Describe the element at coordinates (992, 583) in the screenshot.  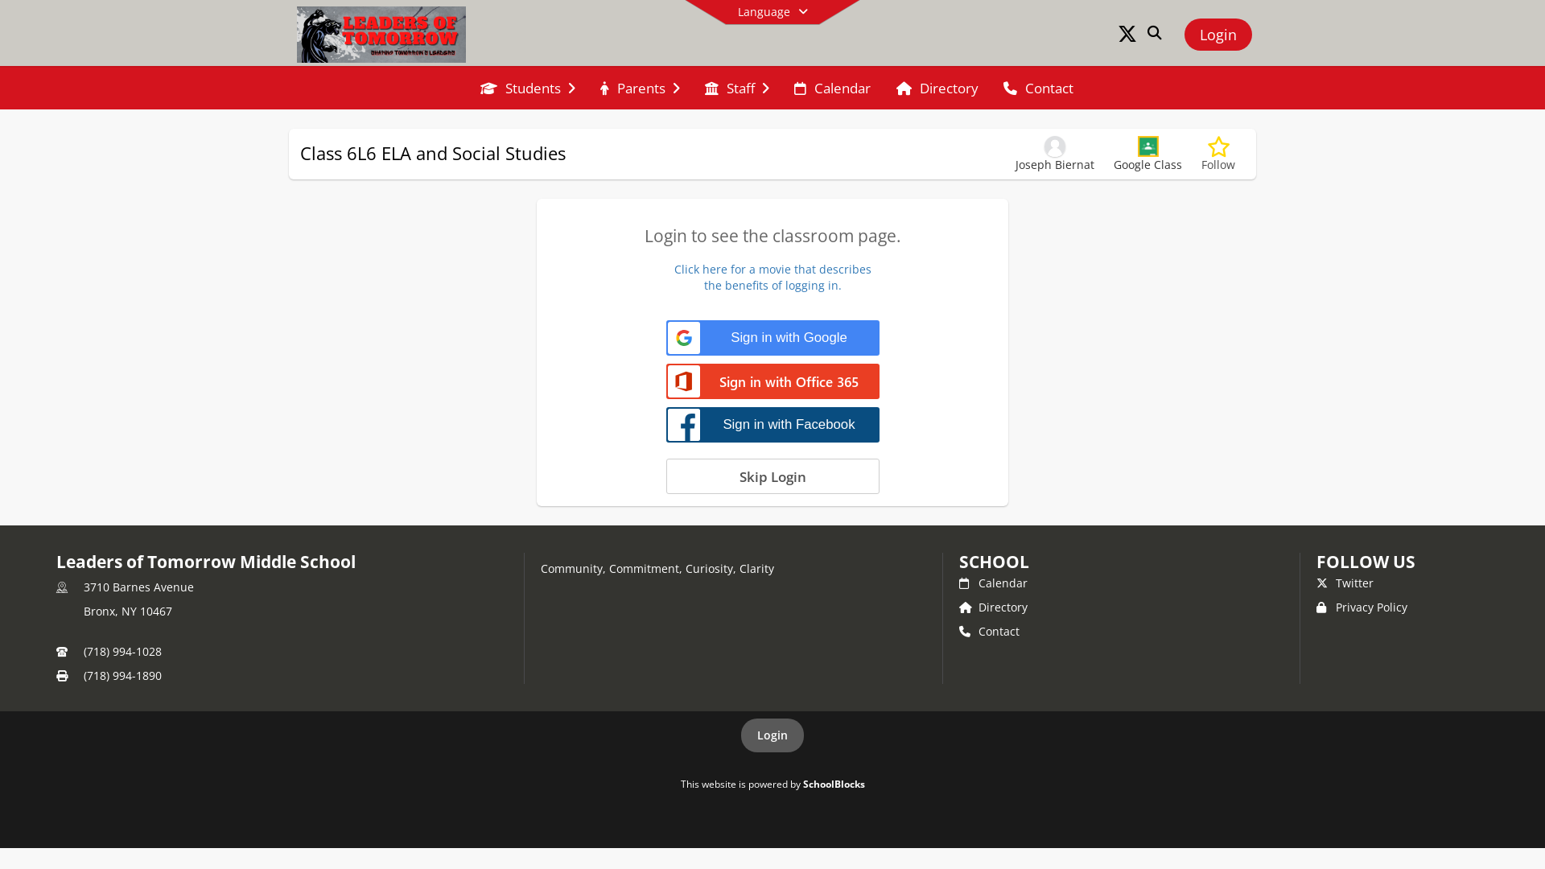
I see `'Calendar'` at that location.